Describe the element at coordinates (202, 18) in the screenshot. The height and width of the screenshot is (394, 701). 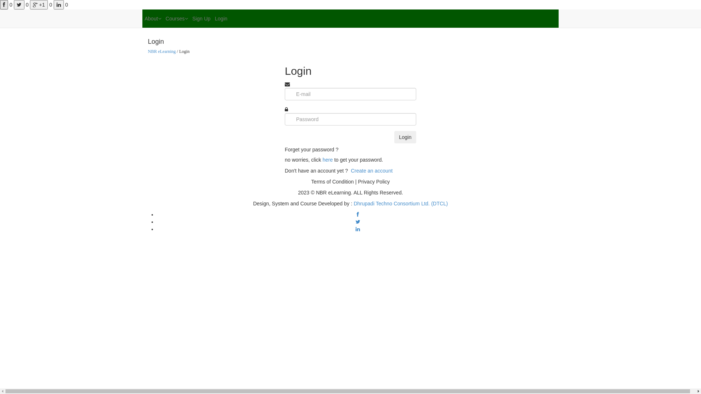
I see `'Sign Up'` at that location.